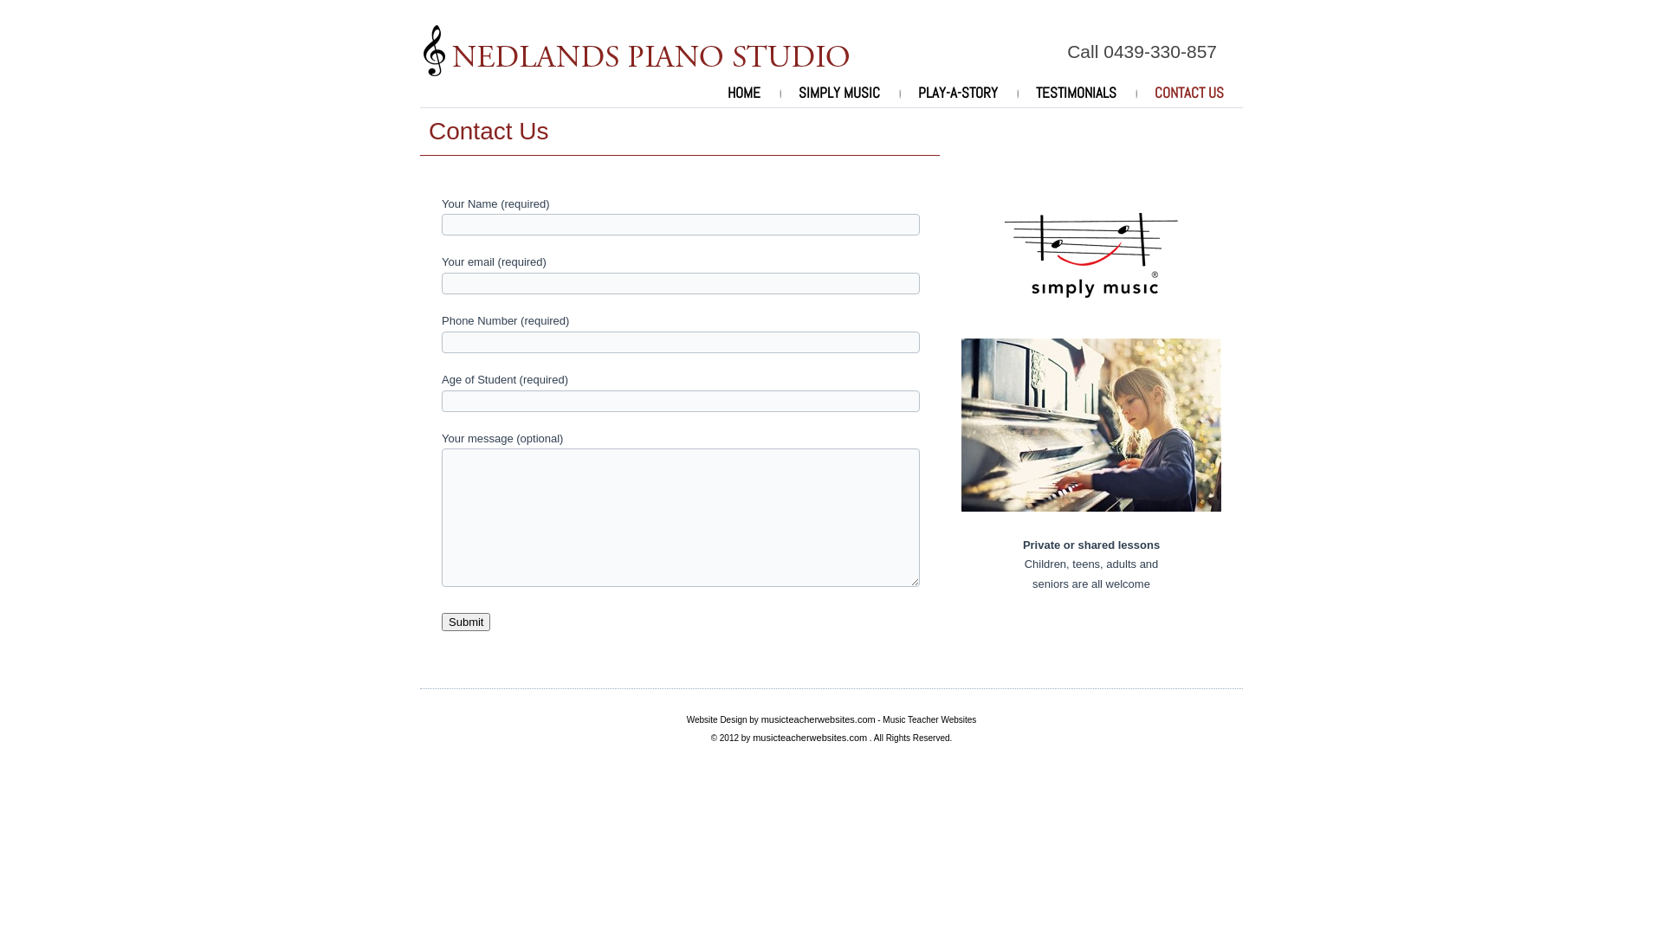  I want to click on 'PLAY-A-STORY', so click(956, 93).